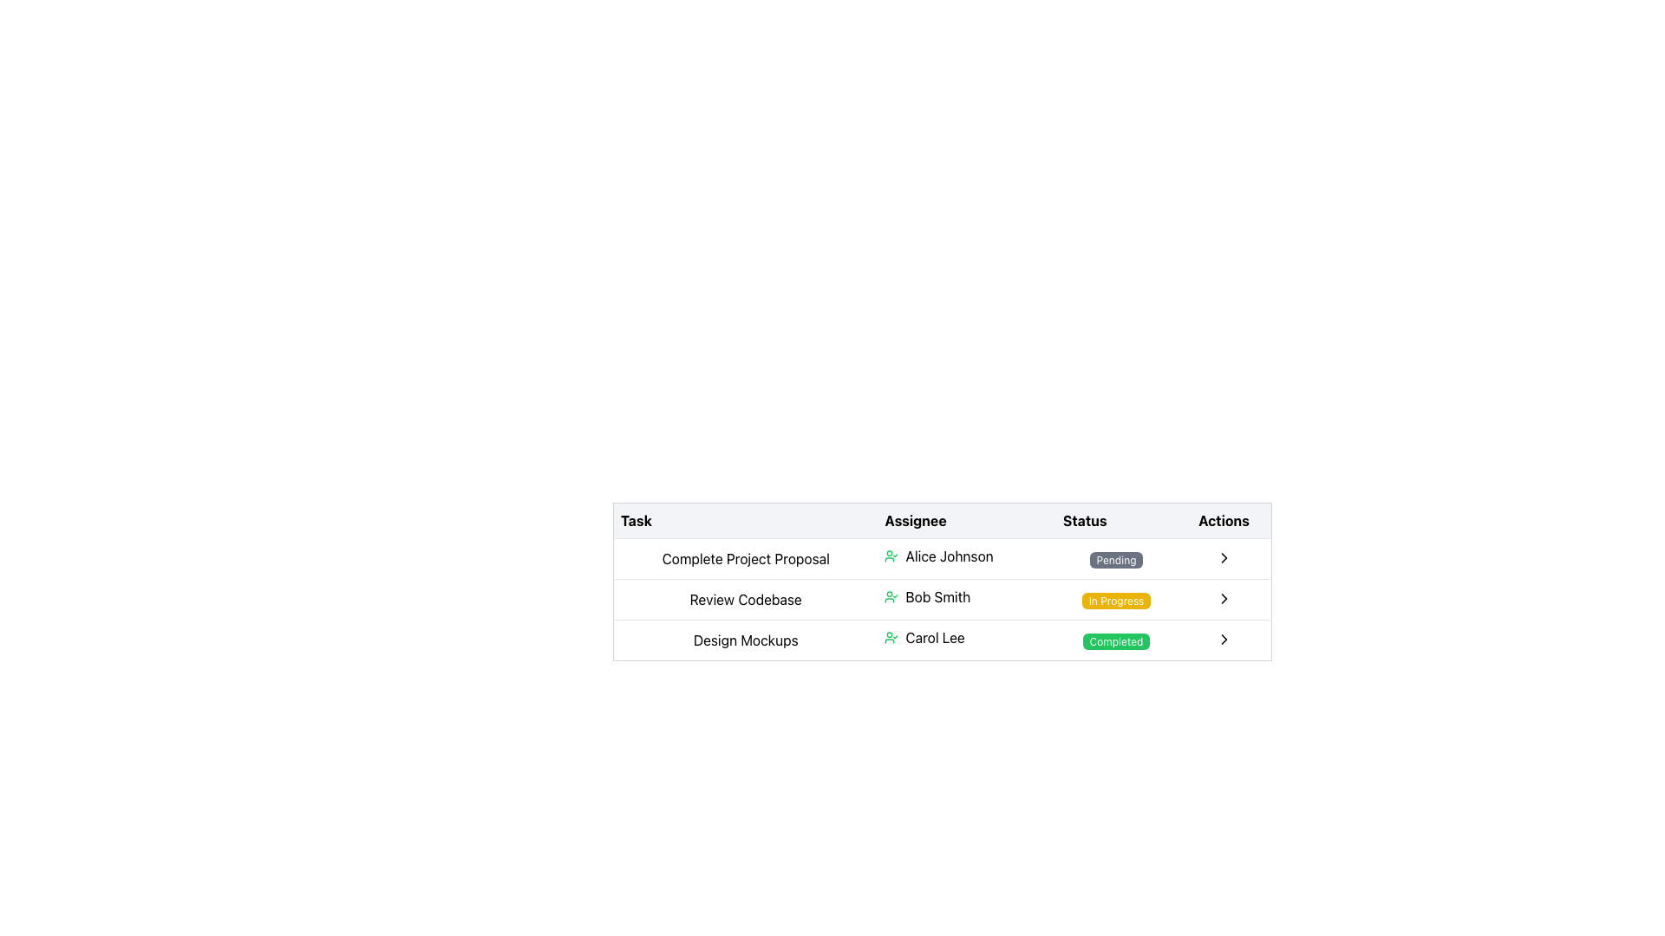 Image resolution: width=1665 pixels, height=936 pixels. Describe the element at coordinates (1116, 598) in the screenshot. I see `the yellow badge labeled 'In Progress' located in the 'Status' column of the second row for the task 'Review Codebase' associated with 'Bob Smith.'` at that location.